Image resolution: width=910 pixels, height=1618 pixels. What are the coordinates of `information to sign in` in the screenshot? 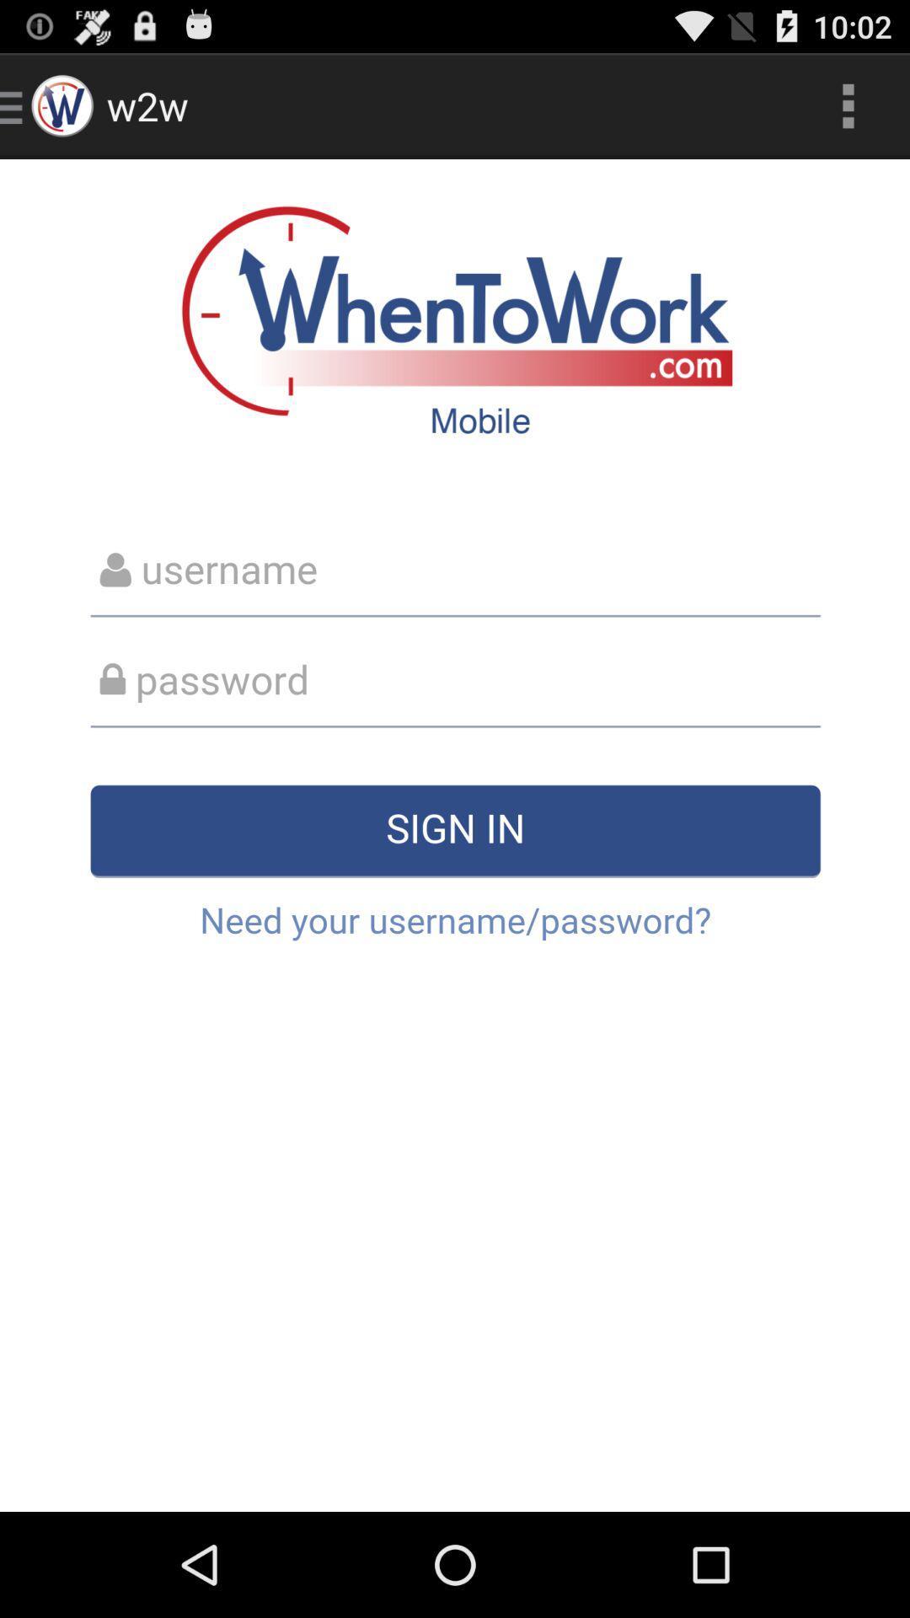 It's located at (455, 835).